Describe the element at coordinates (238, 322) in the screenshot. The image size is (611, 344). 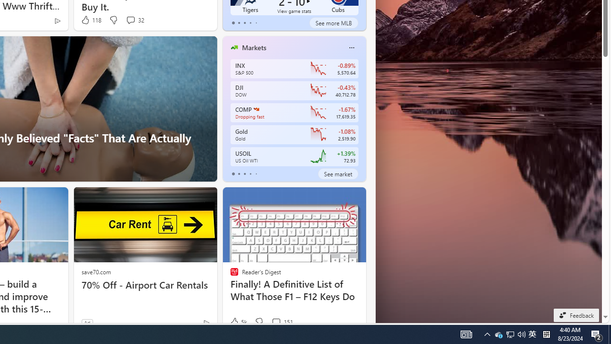
I see `'5k Like'` at that location.